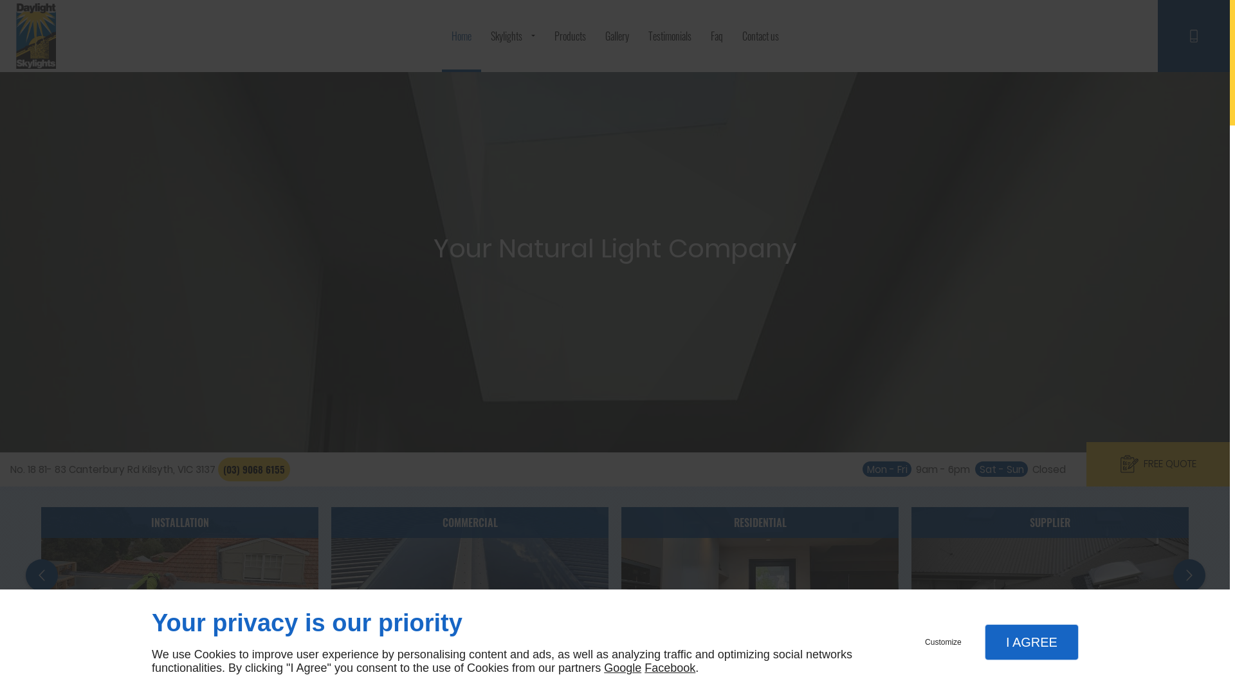 The height and width of the screenshot is (695, 1235). Describe the element at coordinates (253, 469) in the screenshot. I see `'(03) 9068 6155'` at that location.